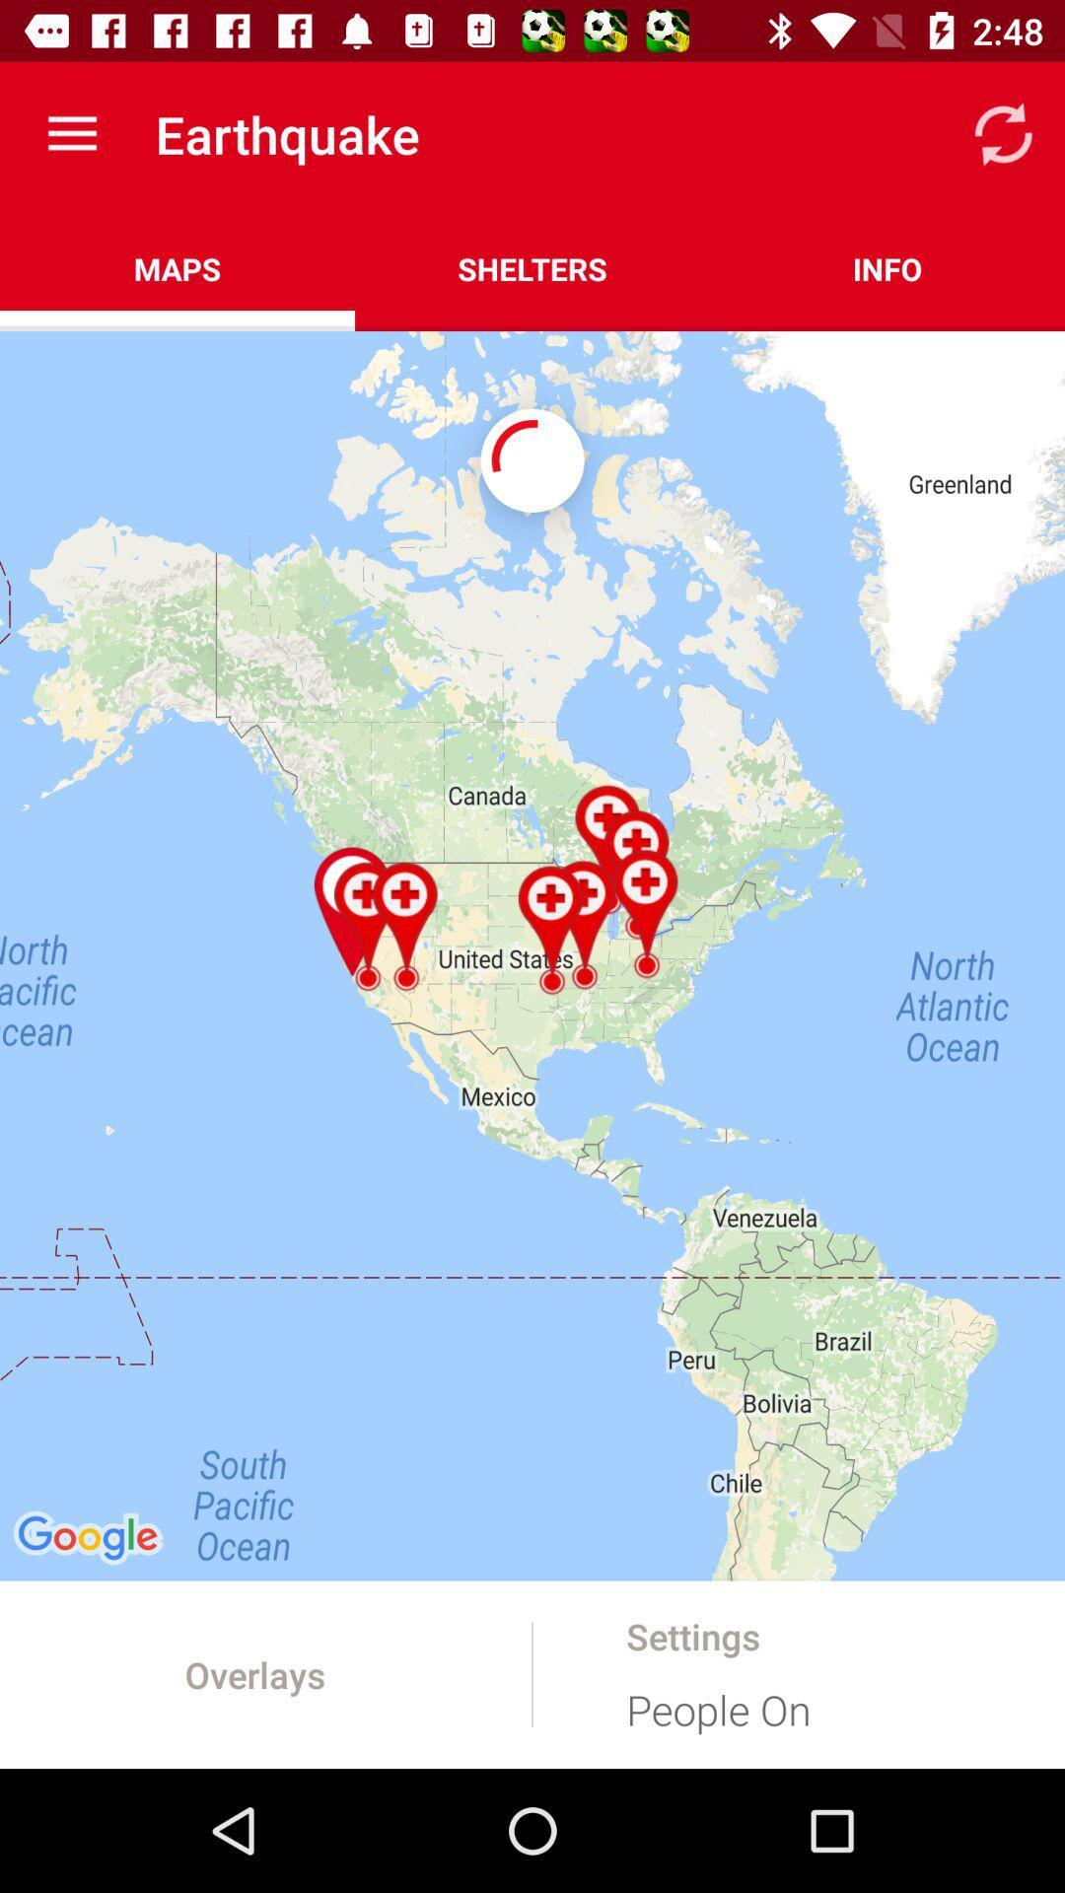  I want to click on icon below the earthquake, so click(532, 268).